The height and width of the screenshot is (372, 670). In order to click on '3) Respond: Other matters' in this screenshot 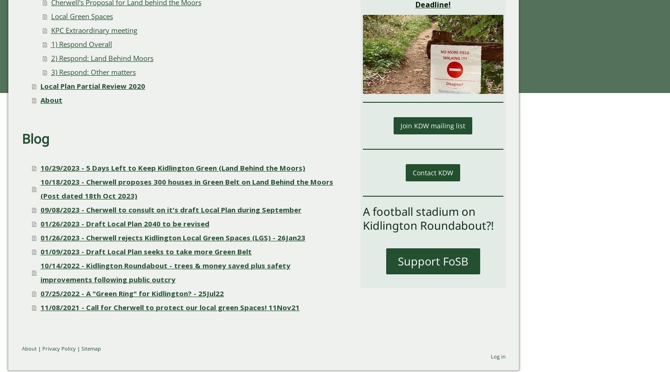, I will do `click(93, 72)`.